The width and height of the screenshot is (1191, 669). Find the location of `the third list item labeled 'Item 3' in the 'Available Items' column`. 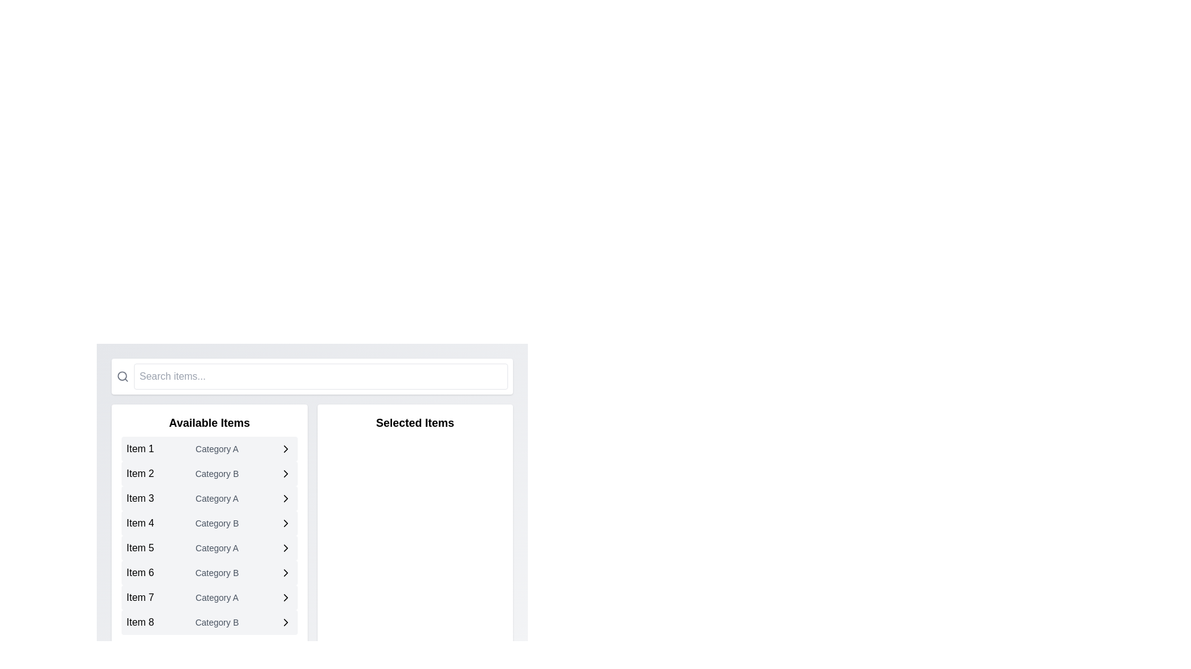

the third list item labeled 'Item 3' in the 'Available Items' column is located at coordinates (209, 498).